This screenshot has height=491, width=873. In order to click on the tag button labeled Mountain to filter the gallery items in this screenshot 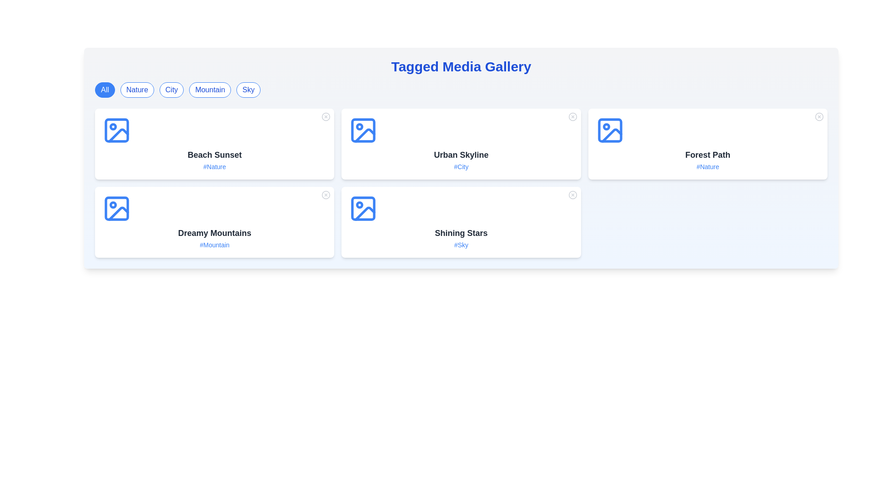, I will do `click(210, 90)`.